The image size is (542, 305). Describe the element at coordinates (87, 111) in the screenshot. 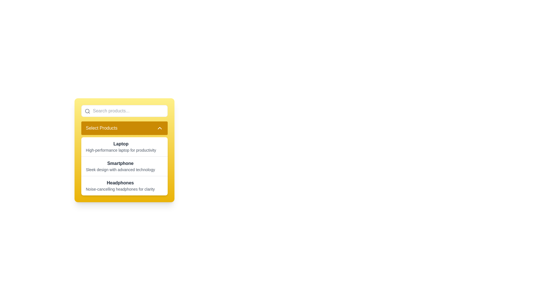

I see `the decorative search icon located on the left side of the search input field, which visually indicates the functionality of the adjacent text input` at that location.